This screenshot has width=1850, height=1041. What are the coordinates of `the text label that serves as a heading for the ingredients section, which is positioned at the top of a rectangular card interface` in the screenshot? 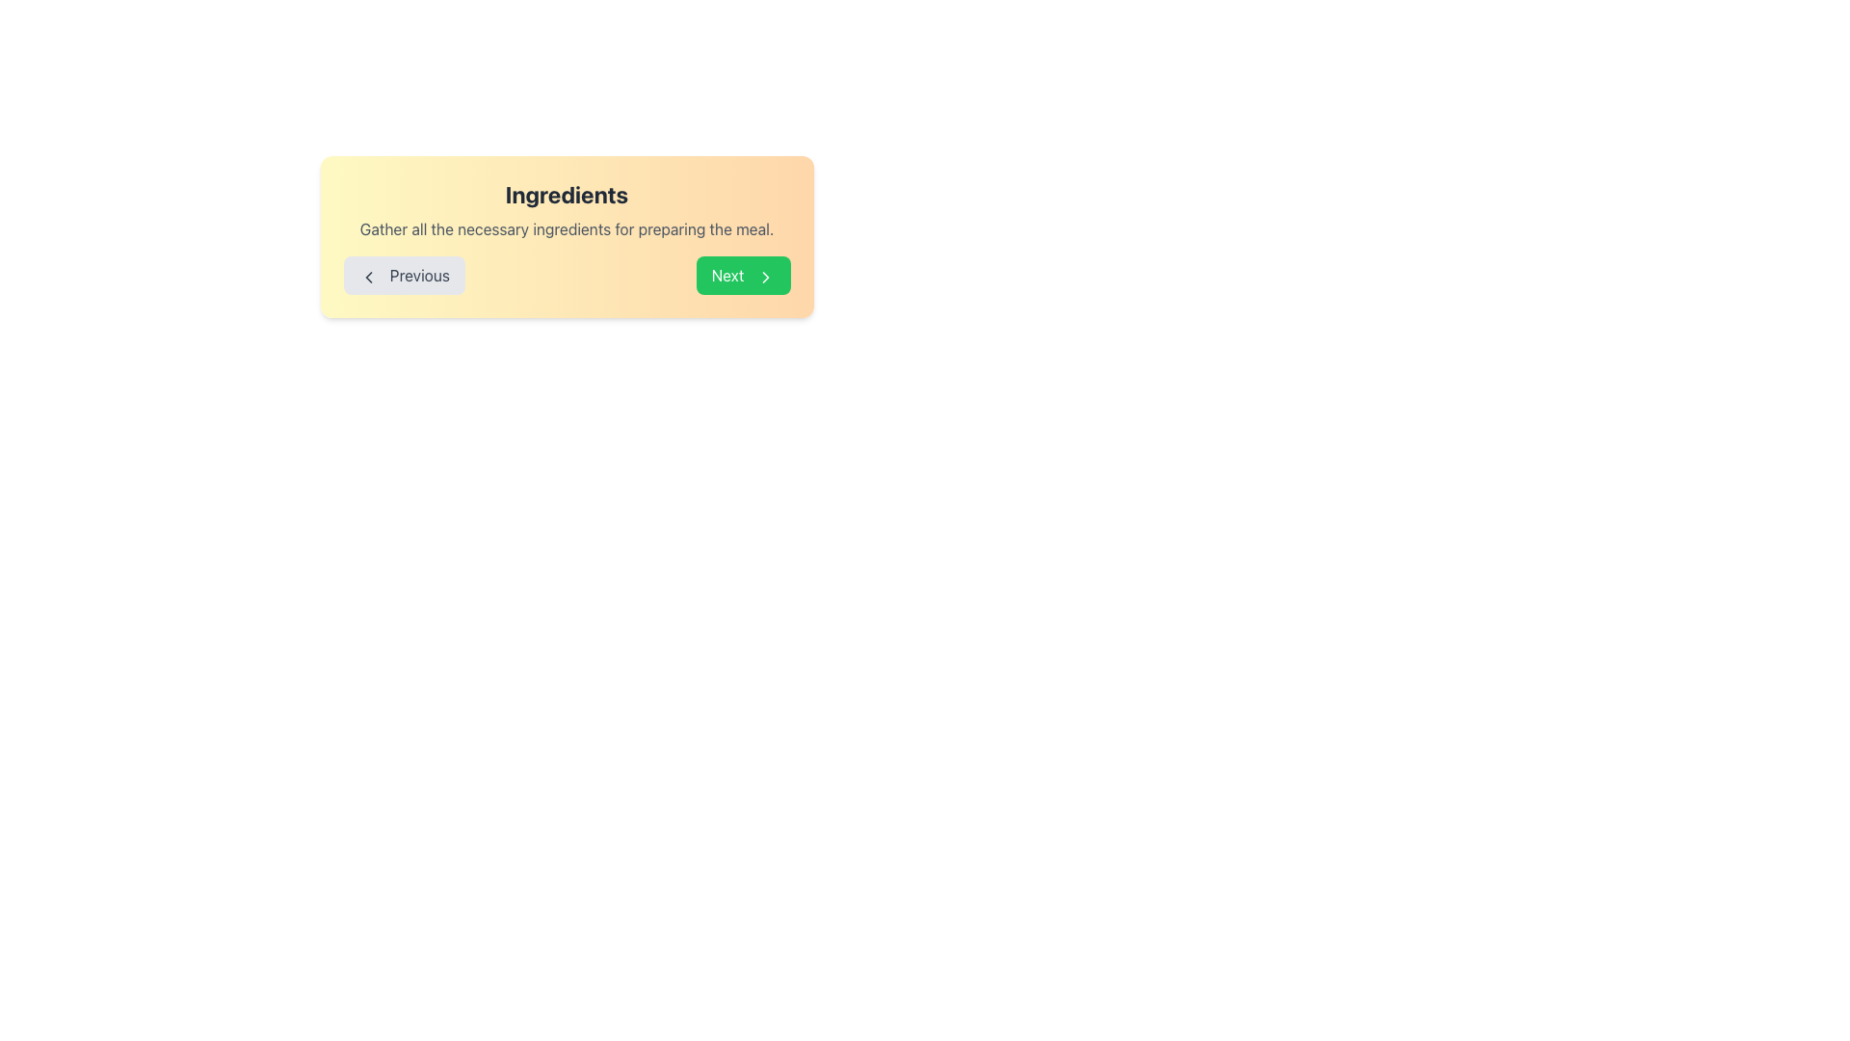 It's located at (566, 194).